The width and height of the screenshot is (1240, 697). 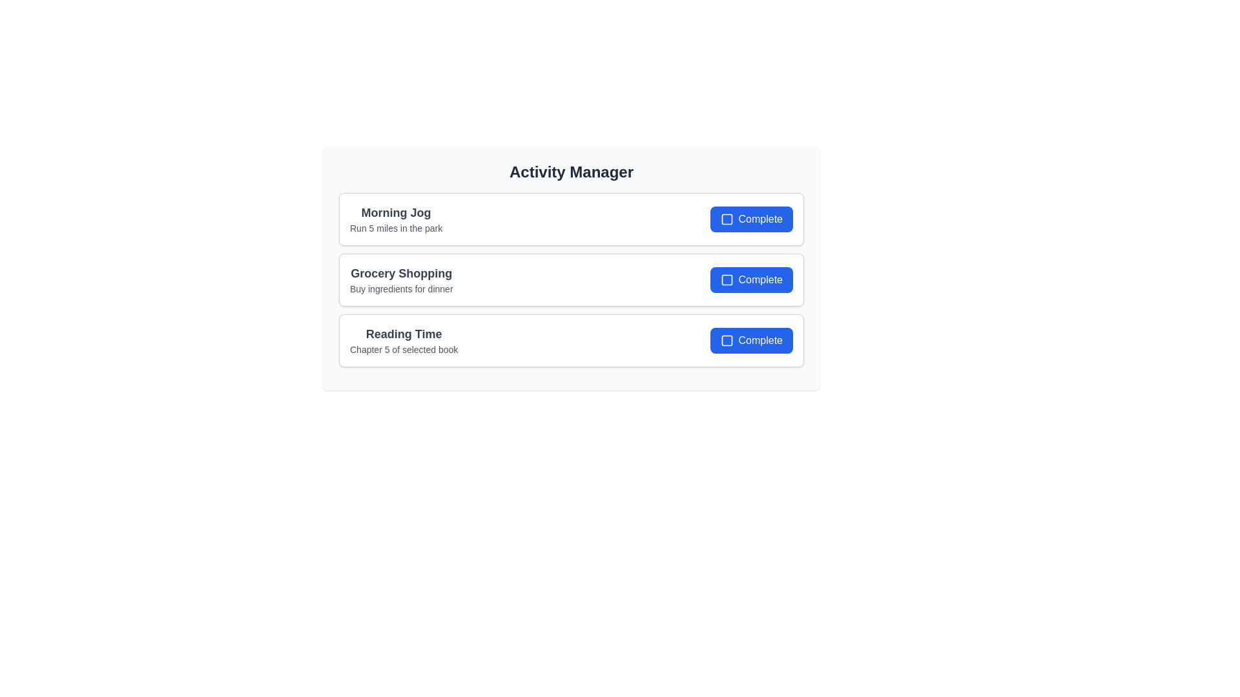 I want to click on the text label that says 'Morning Jog', which is bold and prominent, located above the descriptive text 'Run 5 miles in the park' in the topmost list item, so click(x=395, y=212).